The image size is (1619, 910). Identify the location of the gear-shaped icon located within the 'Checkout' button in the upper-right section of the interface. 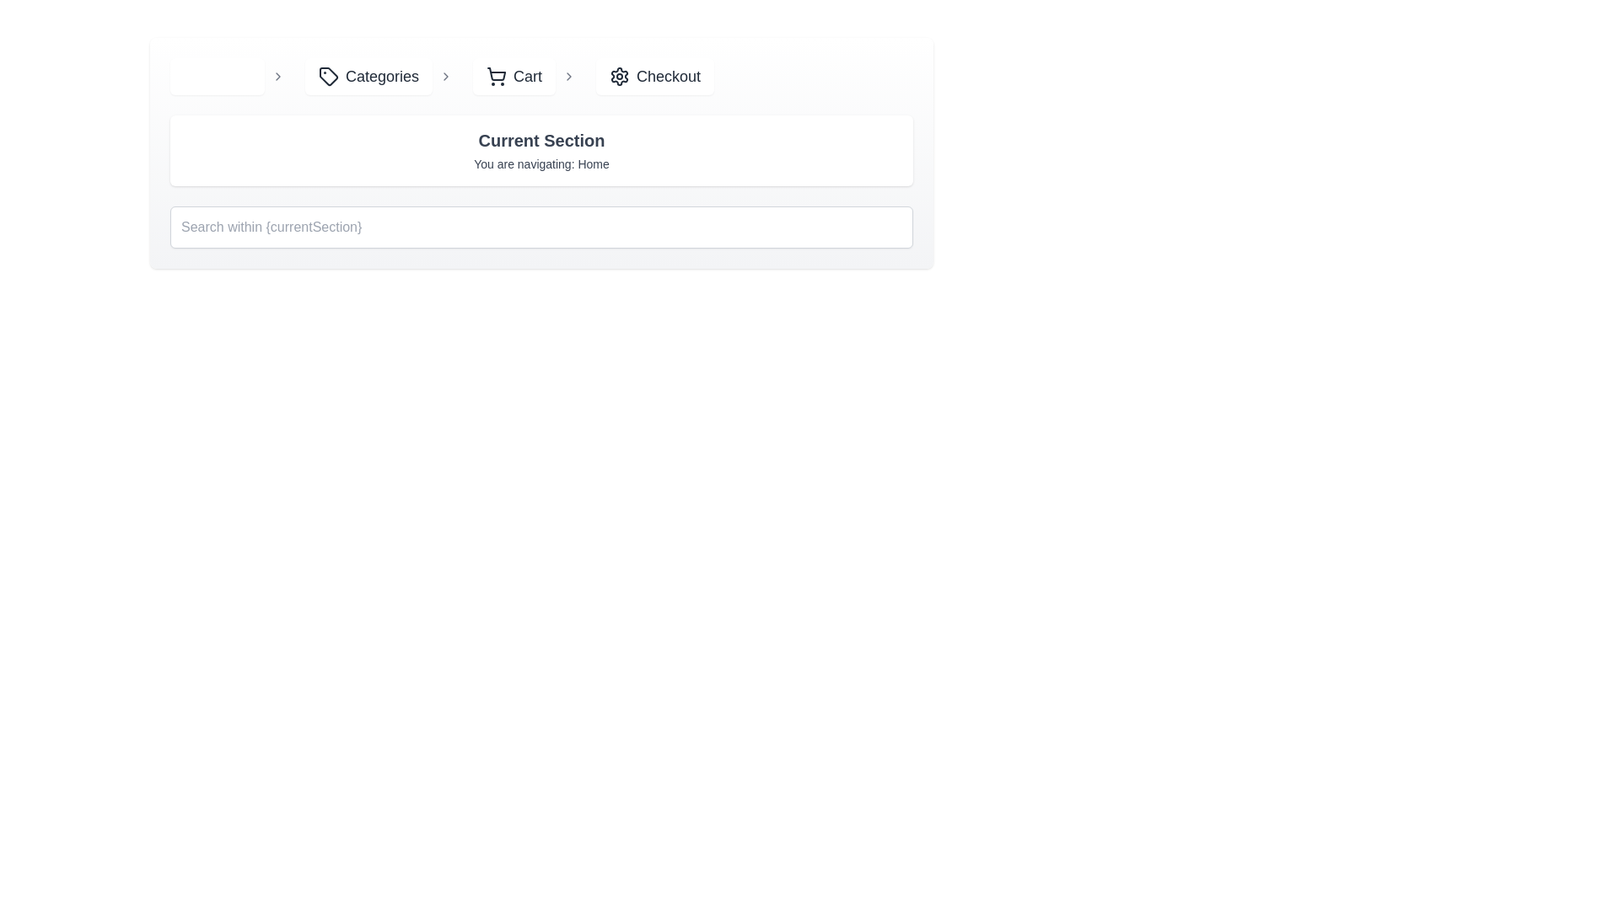
(619, 77).